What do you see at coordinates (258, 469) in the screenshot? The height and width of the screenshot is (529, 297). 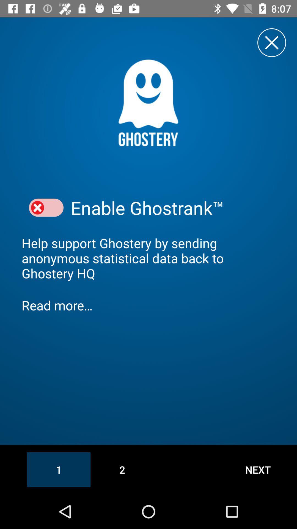 I see `next` at bounding box center [258, 469].